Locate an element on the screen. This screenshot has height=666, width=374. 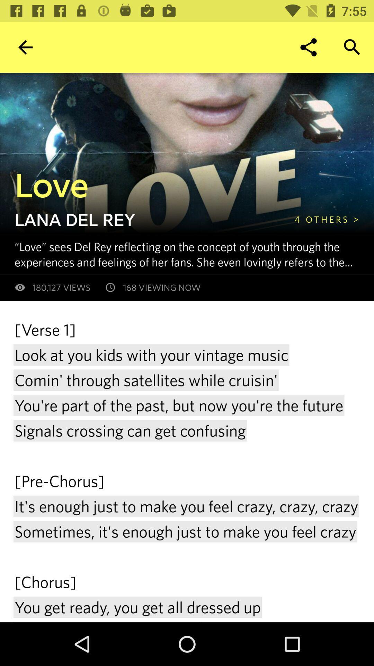
the 4 others > icon is located at coordinates (327, 219).